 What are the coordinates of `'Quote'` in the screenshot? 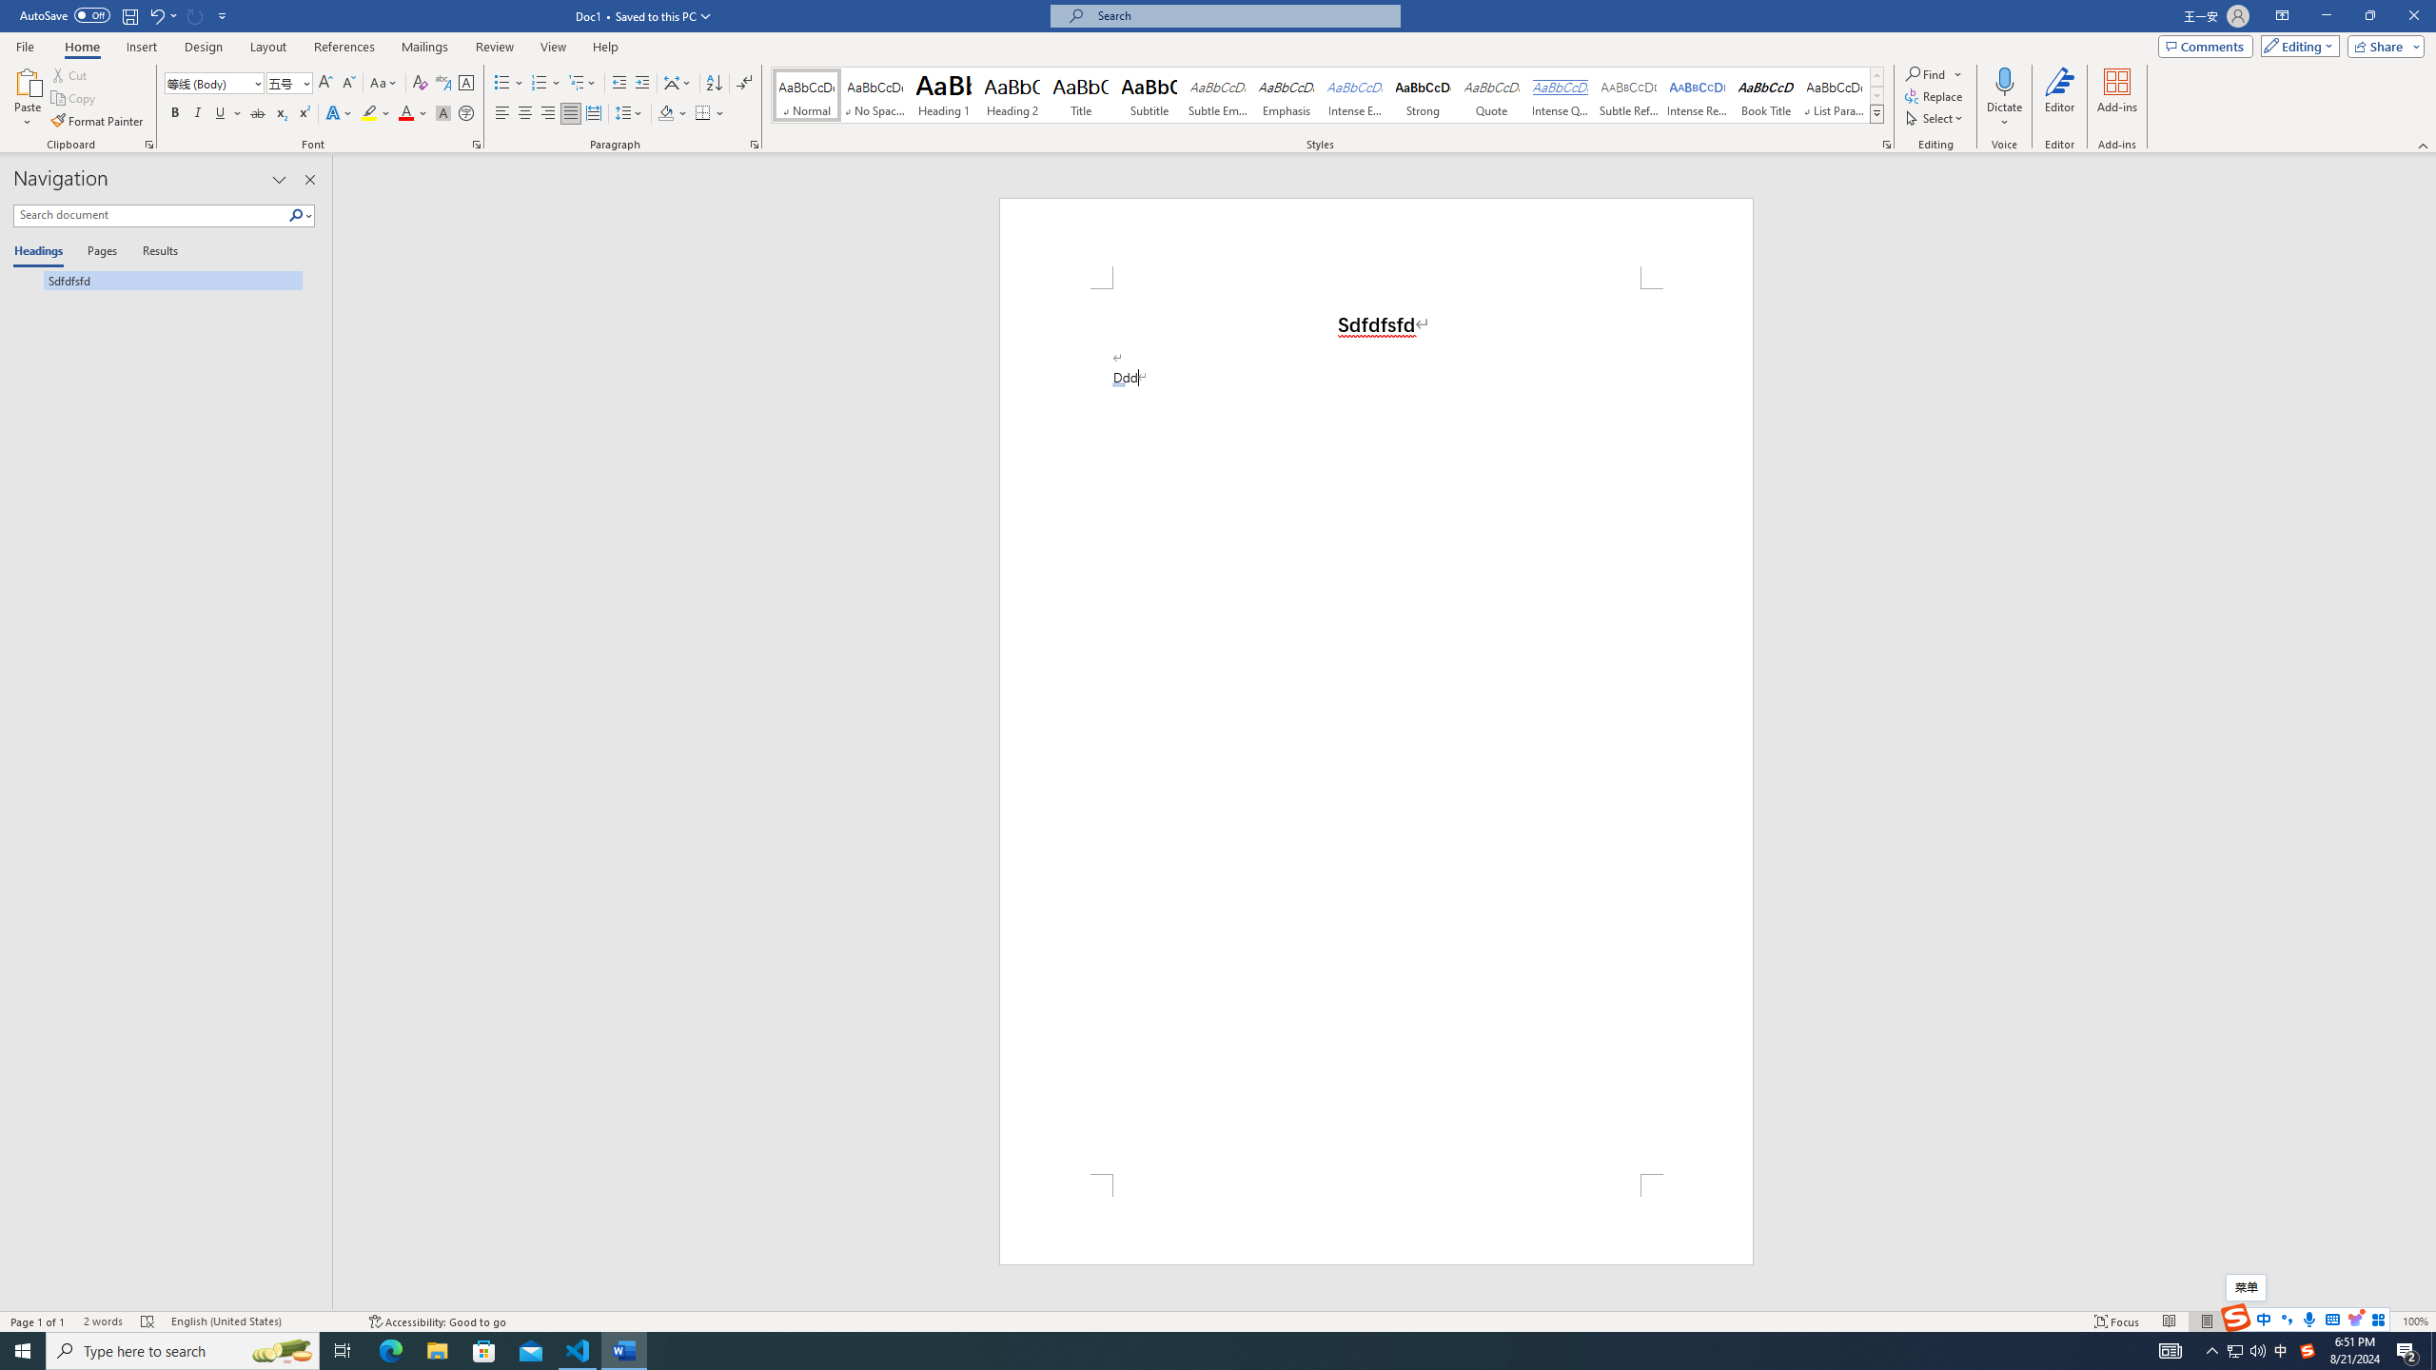 It's located at (1492, 94).